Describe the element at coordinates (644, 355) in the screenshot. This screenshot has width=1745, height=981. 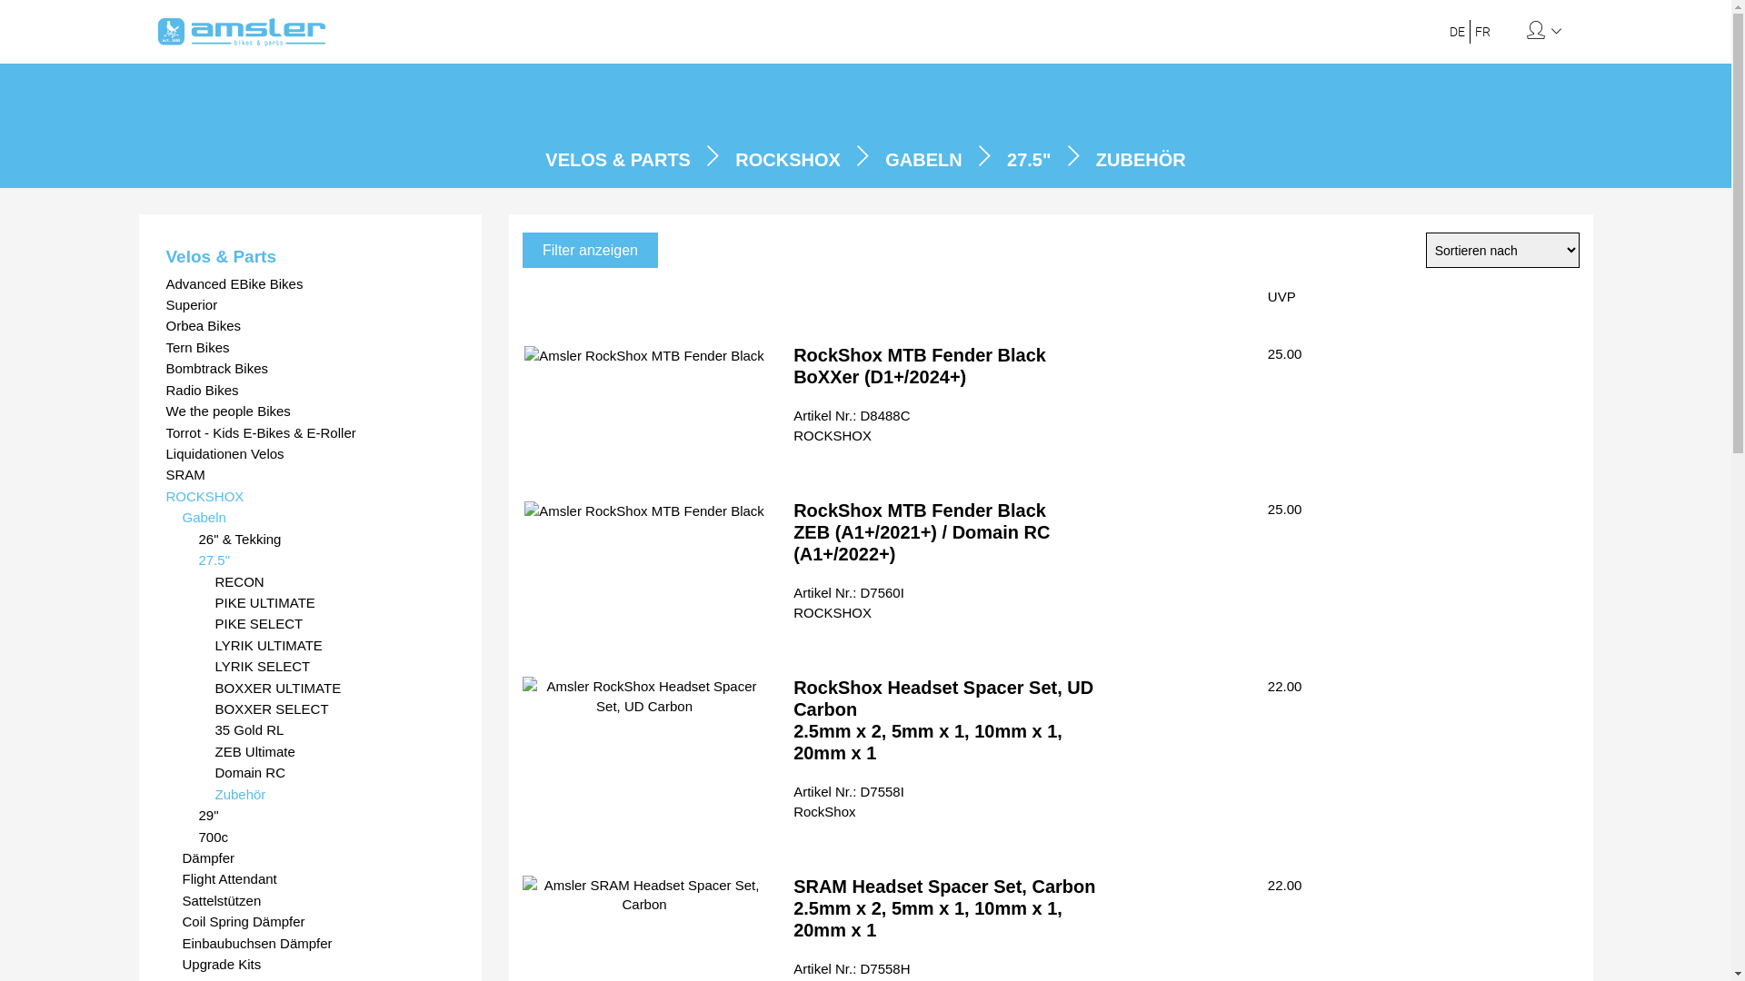
I see `'RockShox MTB Fender Black'` at that location.